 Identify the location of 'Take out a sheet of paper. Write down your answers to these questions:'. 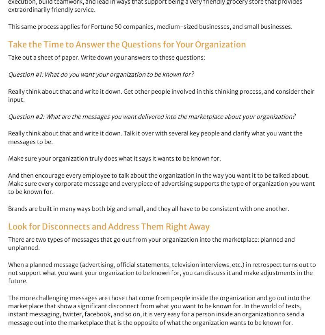
(106, 57).